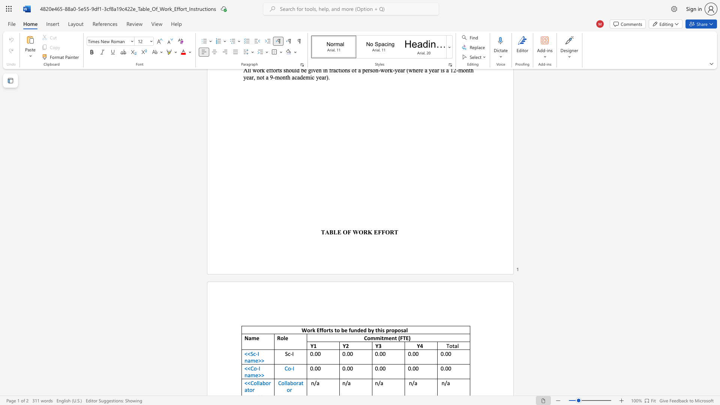 This screenshot has width=720, height=405. I want to click on the space between the continuous character "e" and ">" in the text, so click(258, 360).